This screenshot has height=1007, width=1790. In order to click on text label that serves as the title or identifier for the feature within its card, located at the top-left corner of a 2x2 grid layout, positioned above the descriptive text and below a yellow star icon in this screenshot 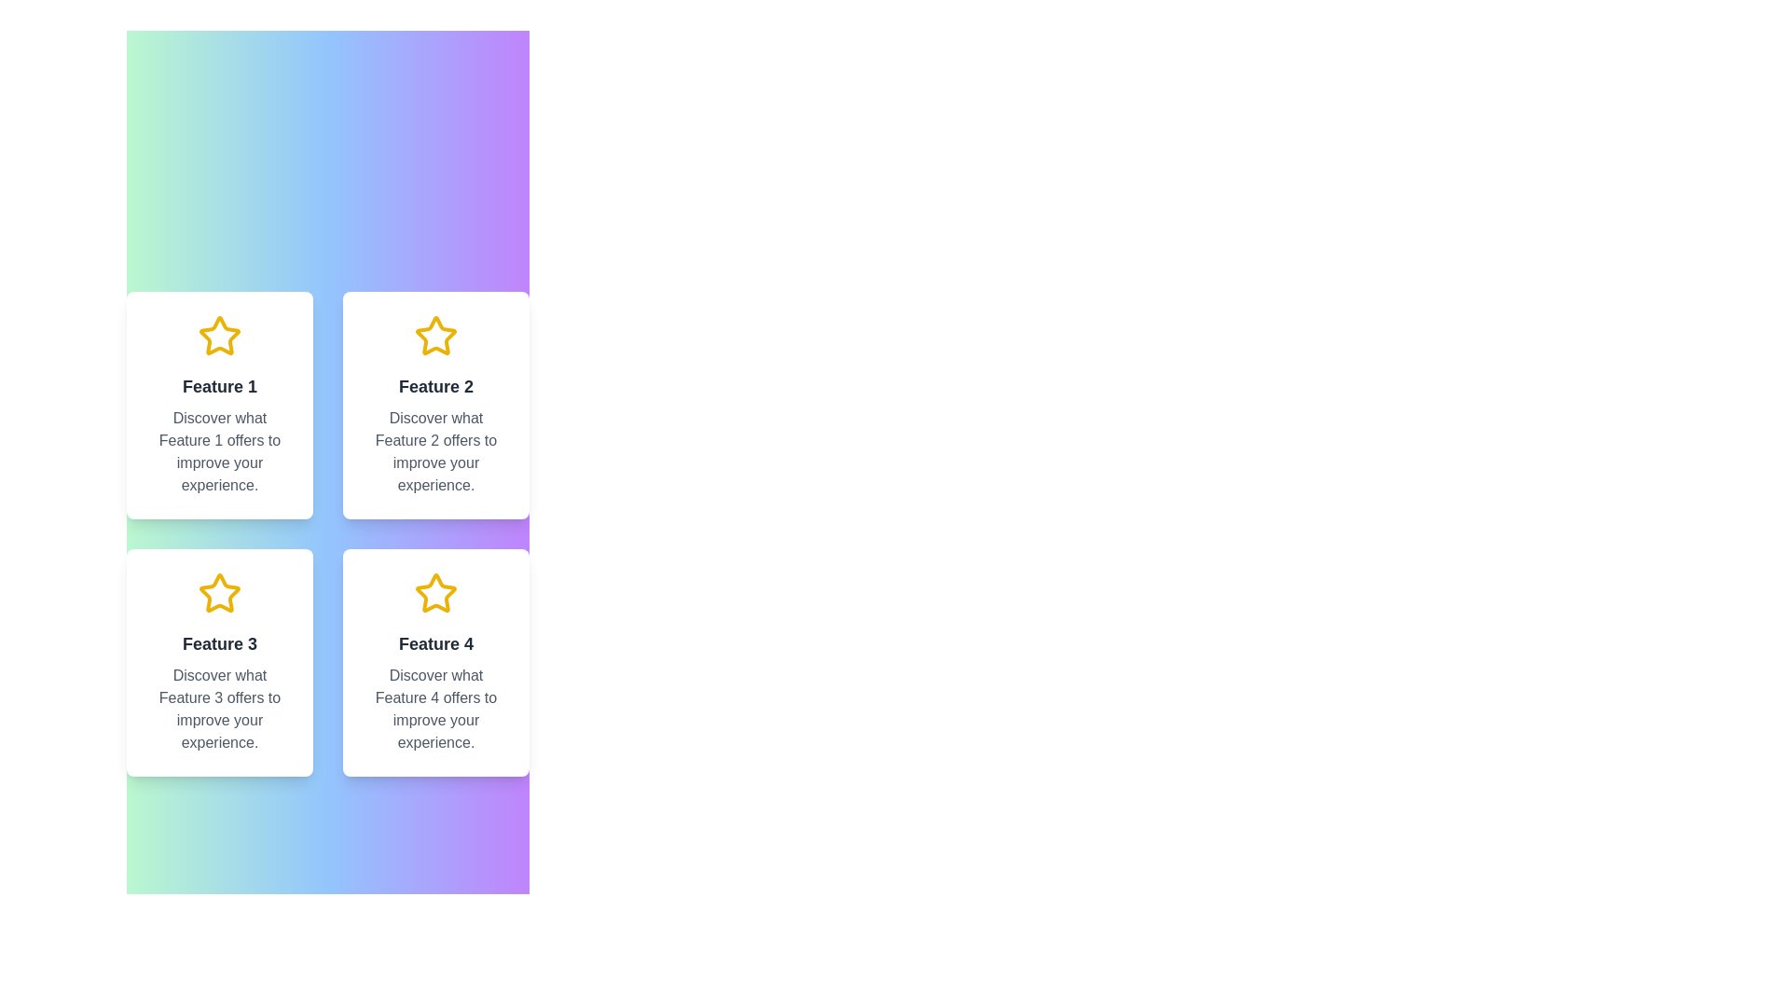, I will do `click(219, 386)`.